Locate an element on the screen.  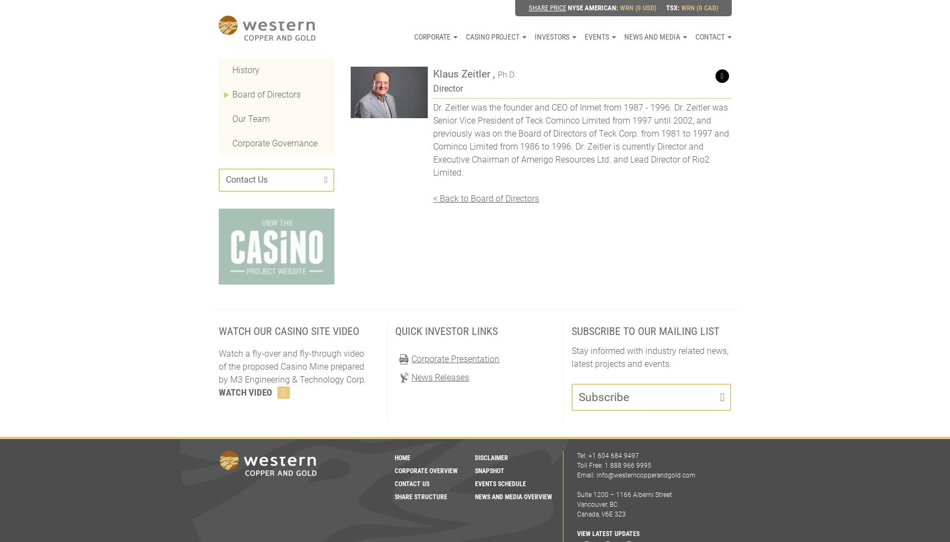
'Corporate Presentation' is located at coordinates (455, 359).